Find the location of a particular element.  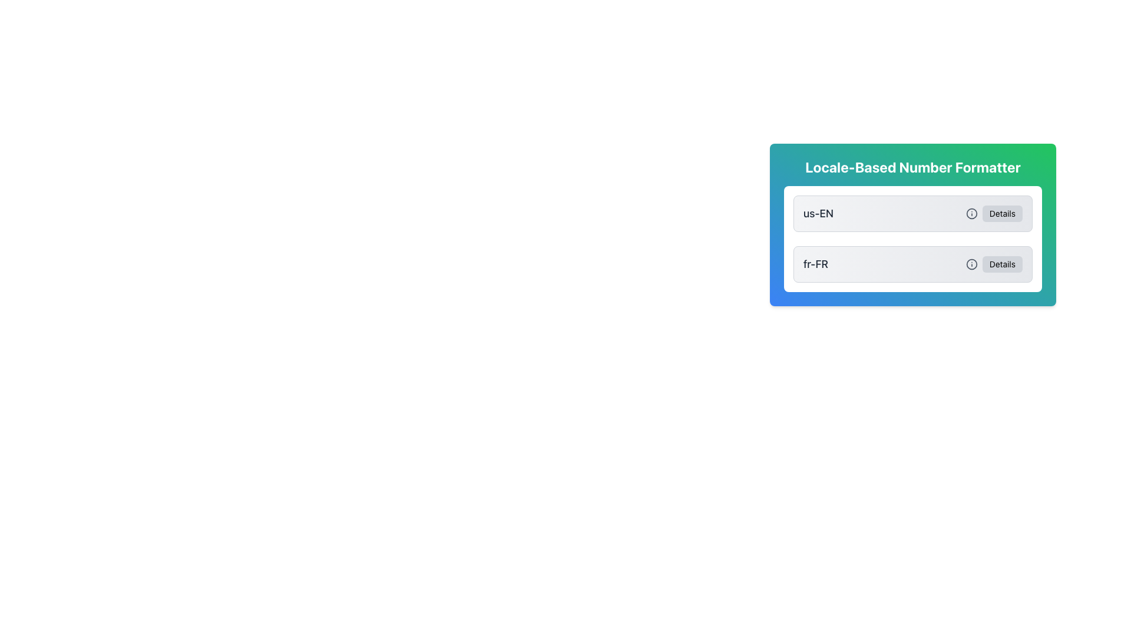

the 'Details' interactive button located to the far right of the 'fr-FR' row is located at coordinates (1001, 263).